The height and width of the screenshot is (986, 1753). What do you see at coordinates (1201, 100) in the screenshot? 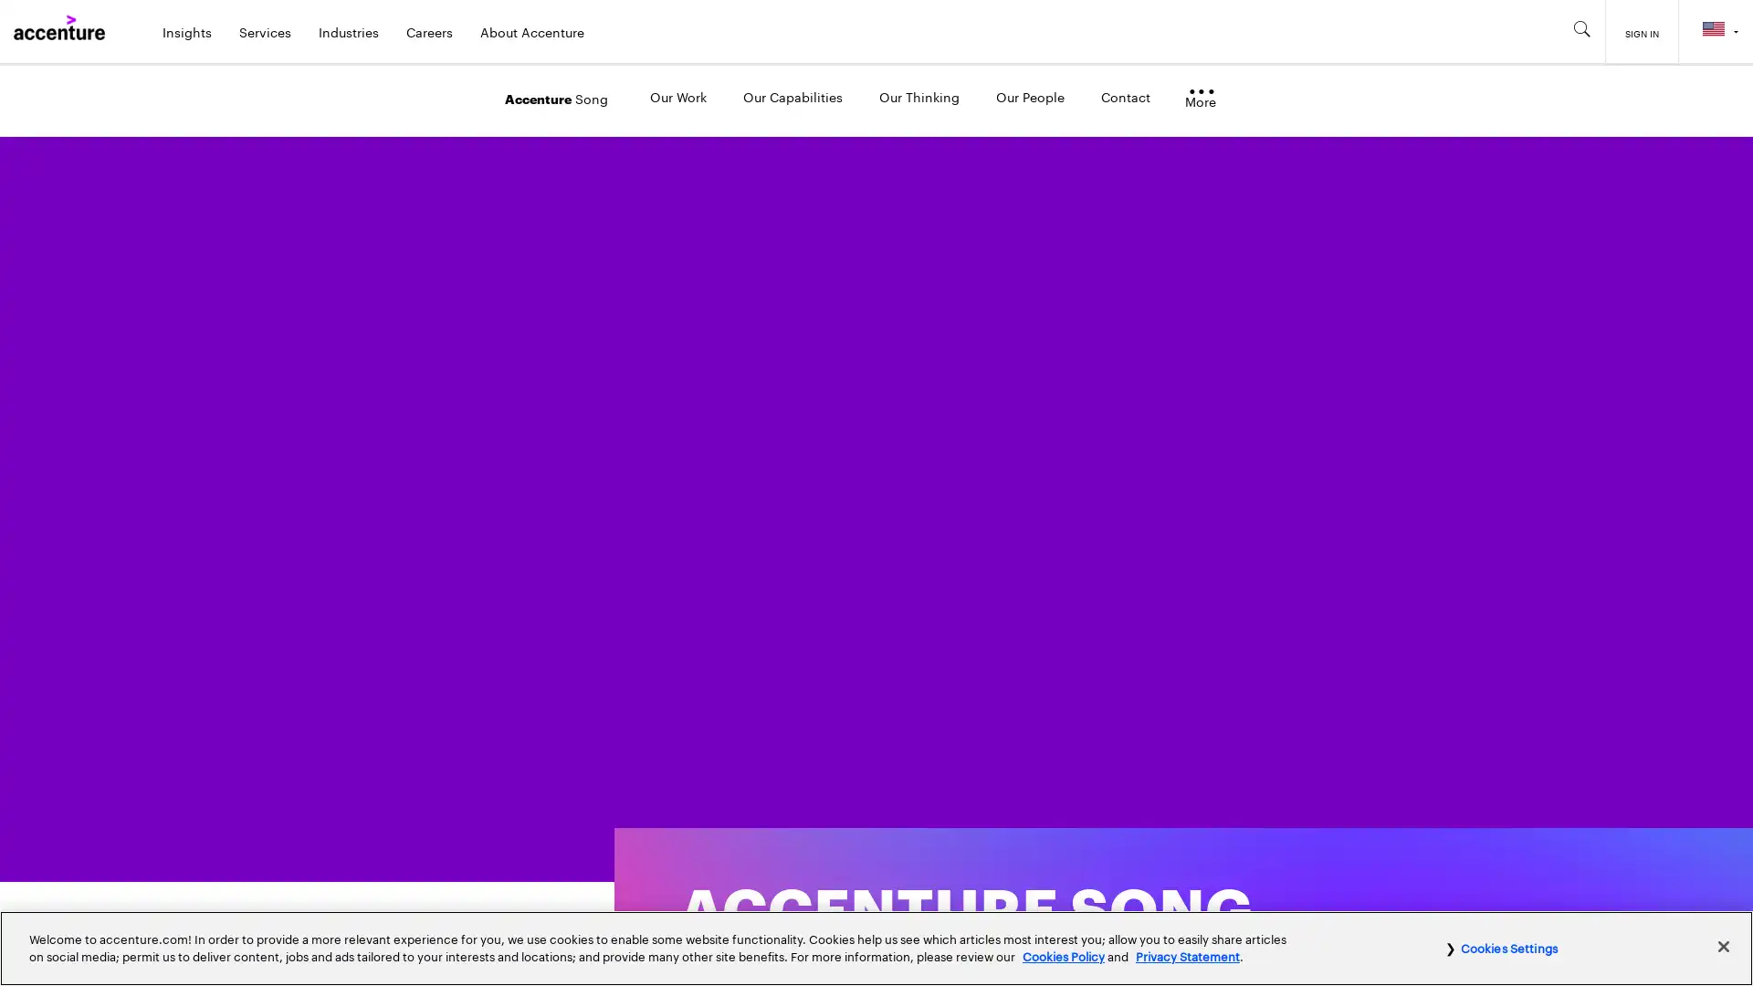
I see `close menu` at bounding box center [1201, 100].